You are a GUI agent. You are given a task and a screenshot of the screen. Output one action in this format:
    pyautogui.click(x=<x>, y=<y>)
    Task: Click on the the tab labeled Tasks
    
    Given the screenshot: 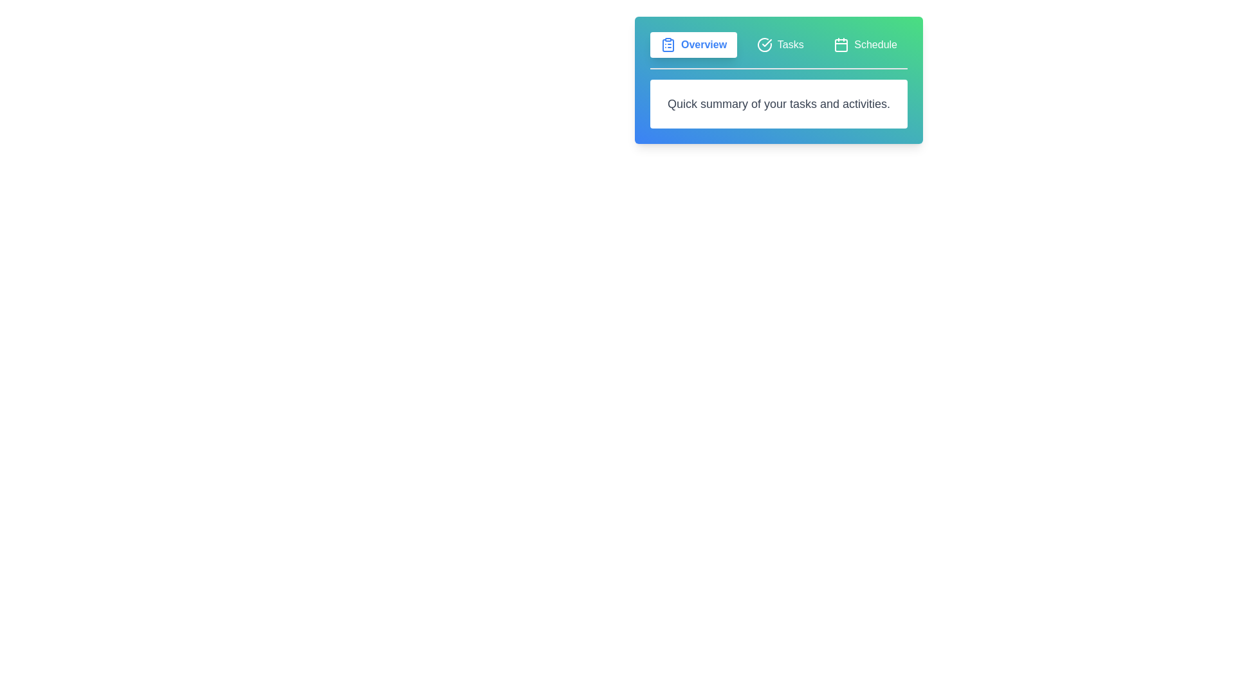 What is the action you would take?
    pyautogui.click(x=780, y=44)
    